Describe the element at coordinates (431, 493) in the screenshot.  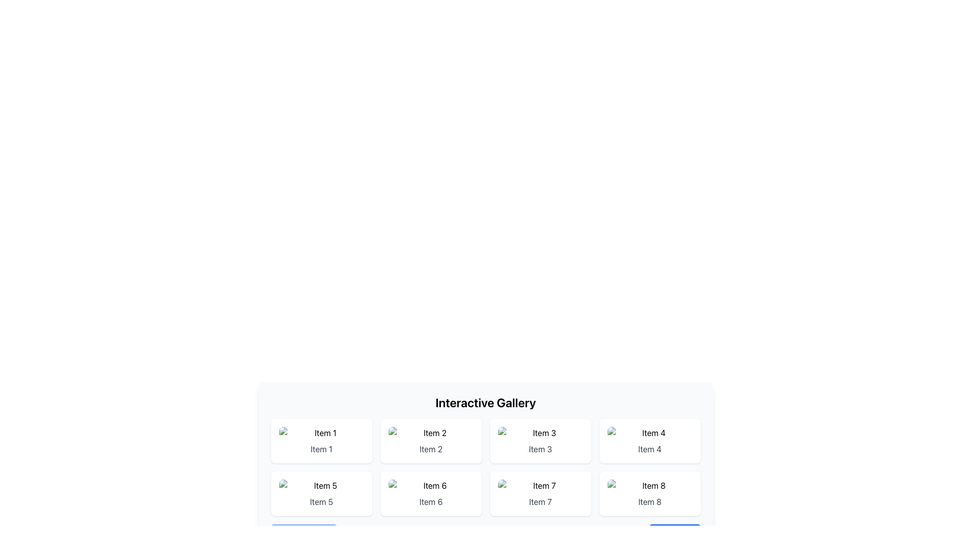
I see `the Card component representing 'Item 6', located in the second row and second column of the grid layout` at that location.